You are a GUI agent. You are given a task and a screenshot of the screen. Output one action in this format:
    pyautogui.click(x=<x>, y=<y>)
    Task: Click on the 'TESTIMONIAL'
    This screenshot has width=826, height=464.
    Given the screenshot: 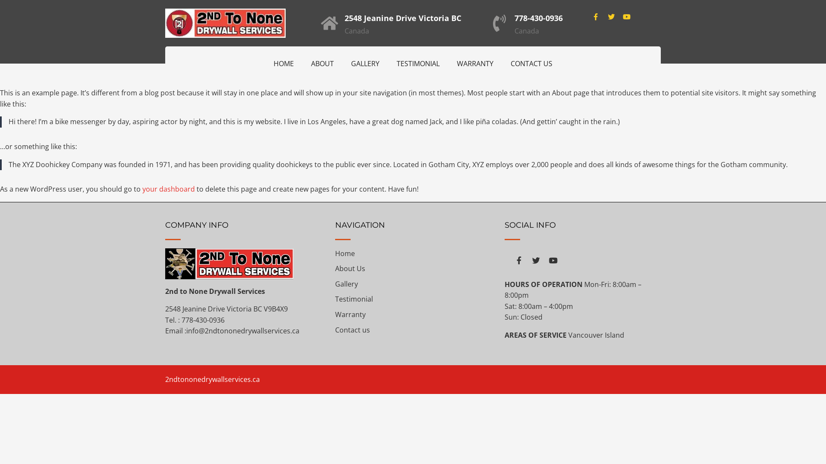 What is the action you would take?
    pyautogui.click(x=418, y=63)
    